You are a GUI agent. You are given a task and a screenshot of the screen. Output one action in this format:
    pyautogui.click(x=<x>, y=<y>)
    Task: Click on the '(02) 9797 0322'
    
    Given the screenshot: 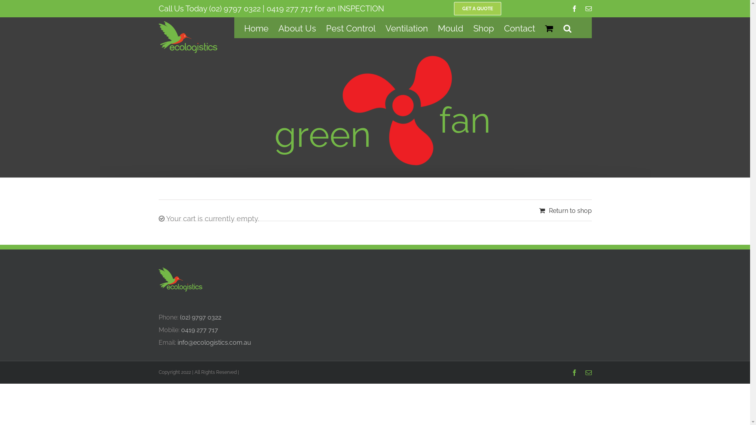 What is the action you would take?
    pyautogui.click(x=234, y=9)
    